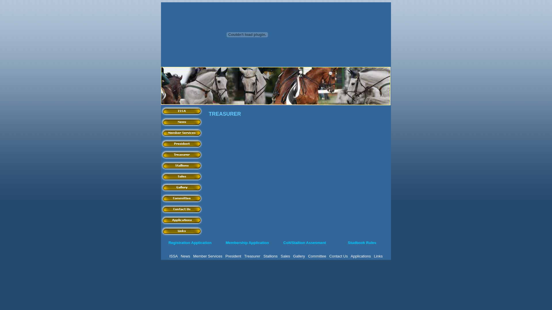 The height and width of the screenshot is (310, 552). Describe the element at coordinates (182, 111) in the screenshot. I see `'ISSA'` at that location.